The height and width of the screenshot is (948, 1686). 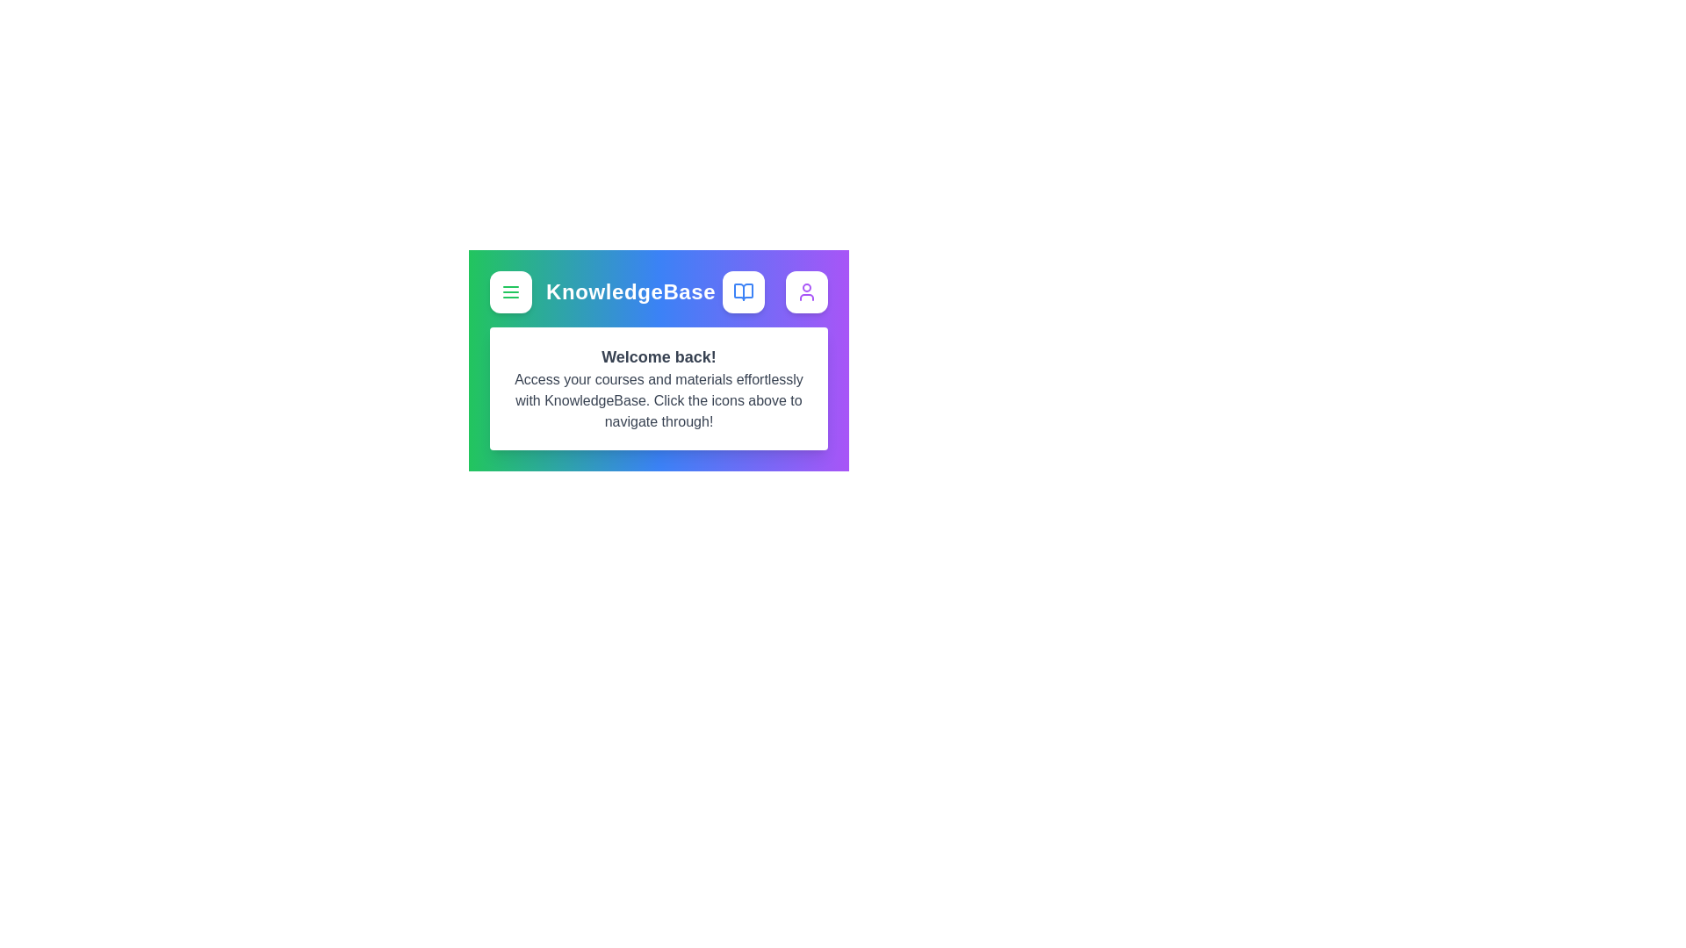 What do you see at coordinates (805, 291) in the screenshot?
I see `the User icon to observe hover effects` at bounding box center [805, 291].